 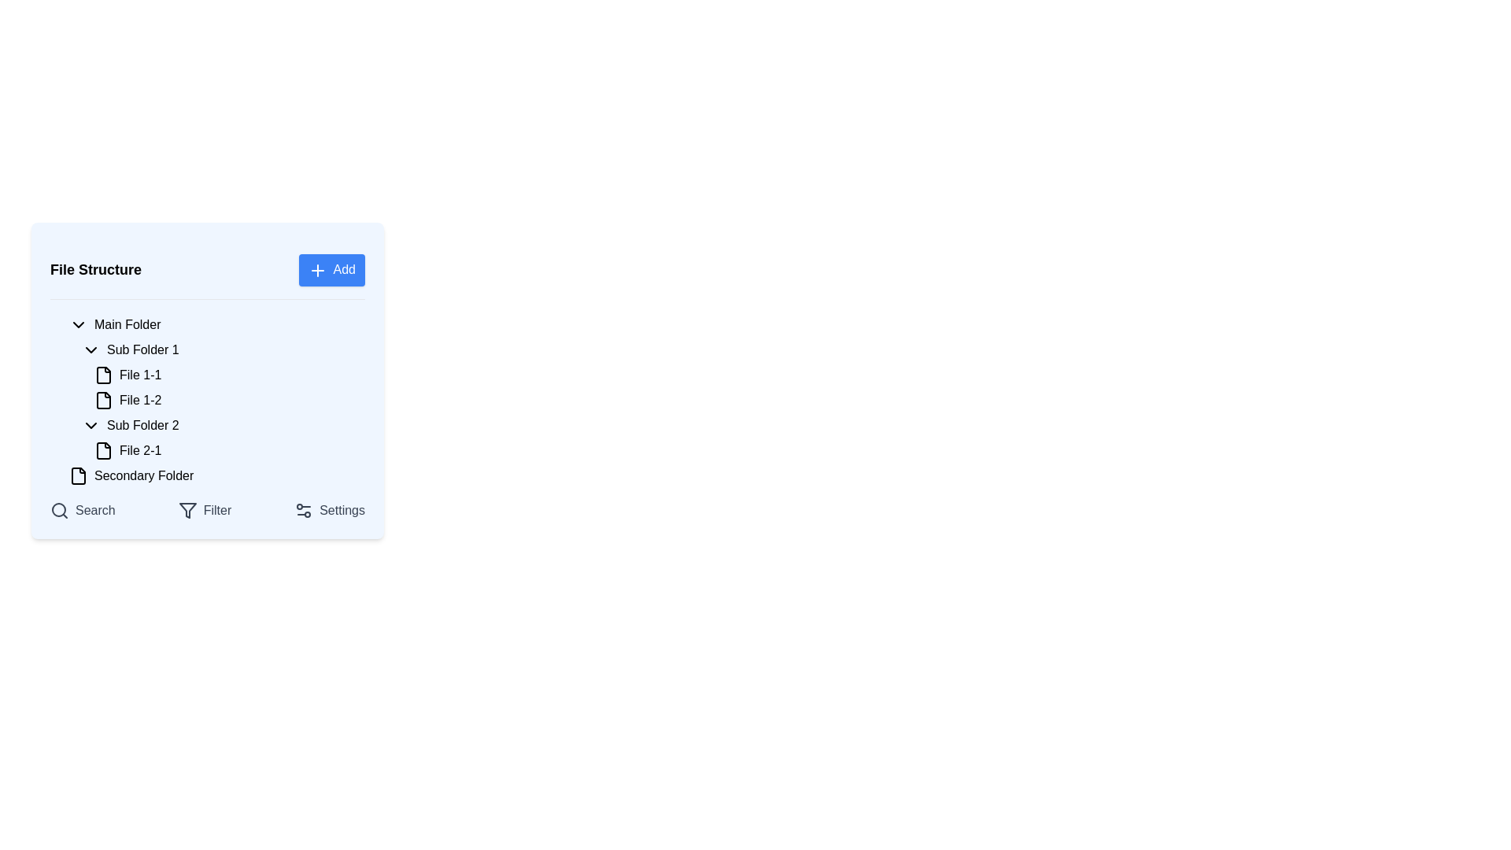 I want to click on the 'Filter' button with a funnel icon, so click(x=204, y=510).